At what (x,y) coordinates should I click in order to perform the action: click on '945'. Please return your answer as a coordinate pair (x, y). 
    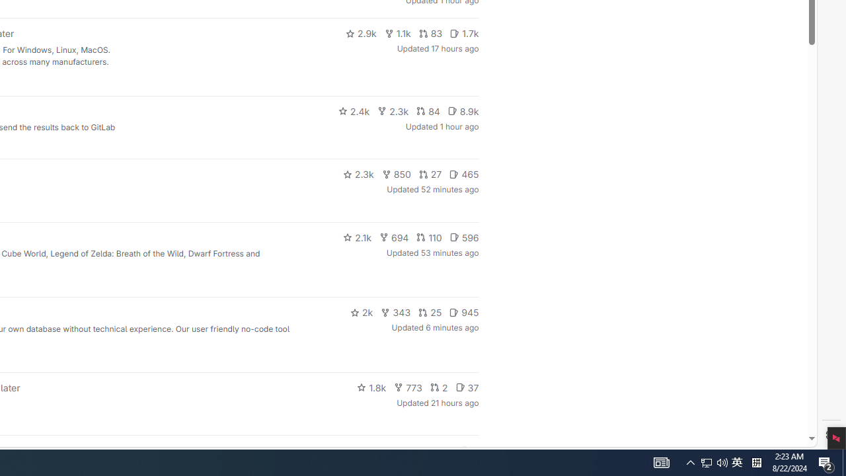
    Looking at the image, I should click on (464, 313).